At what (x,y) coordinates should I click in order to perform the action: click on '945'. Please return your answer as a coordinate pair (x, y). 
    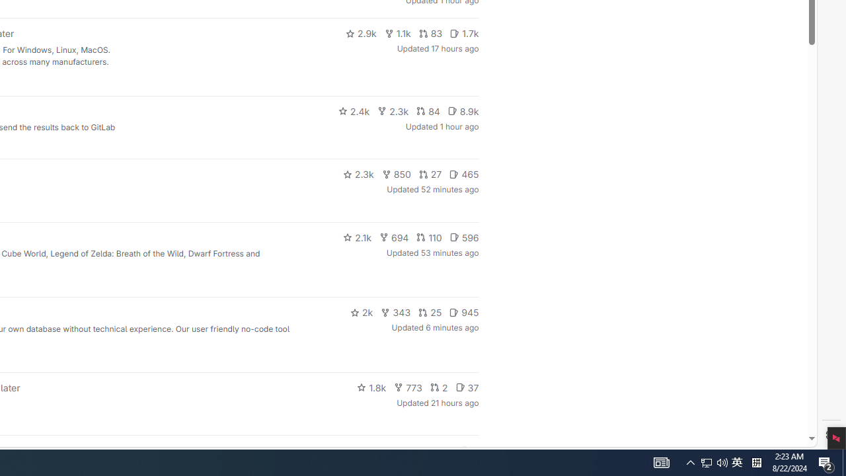
    Looking at the image, I should click on (464, 313).